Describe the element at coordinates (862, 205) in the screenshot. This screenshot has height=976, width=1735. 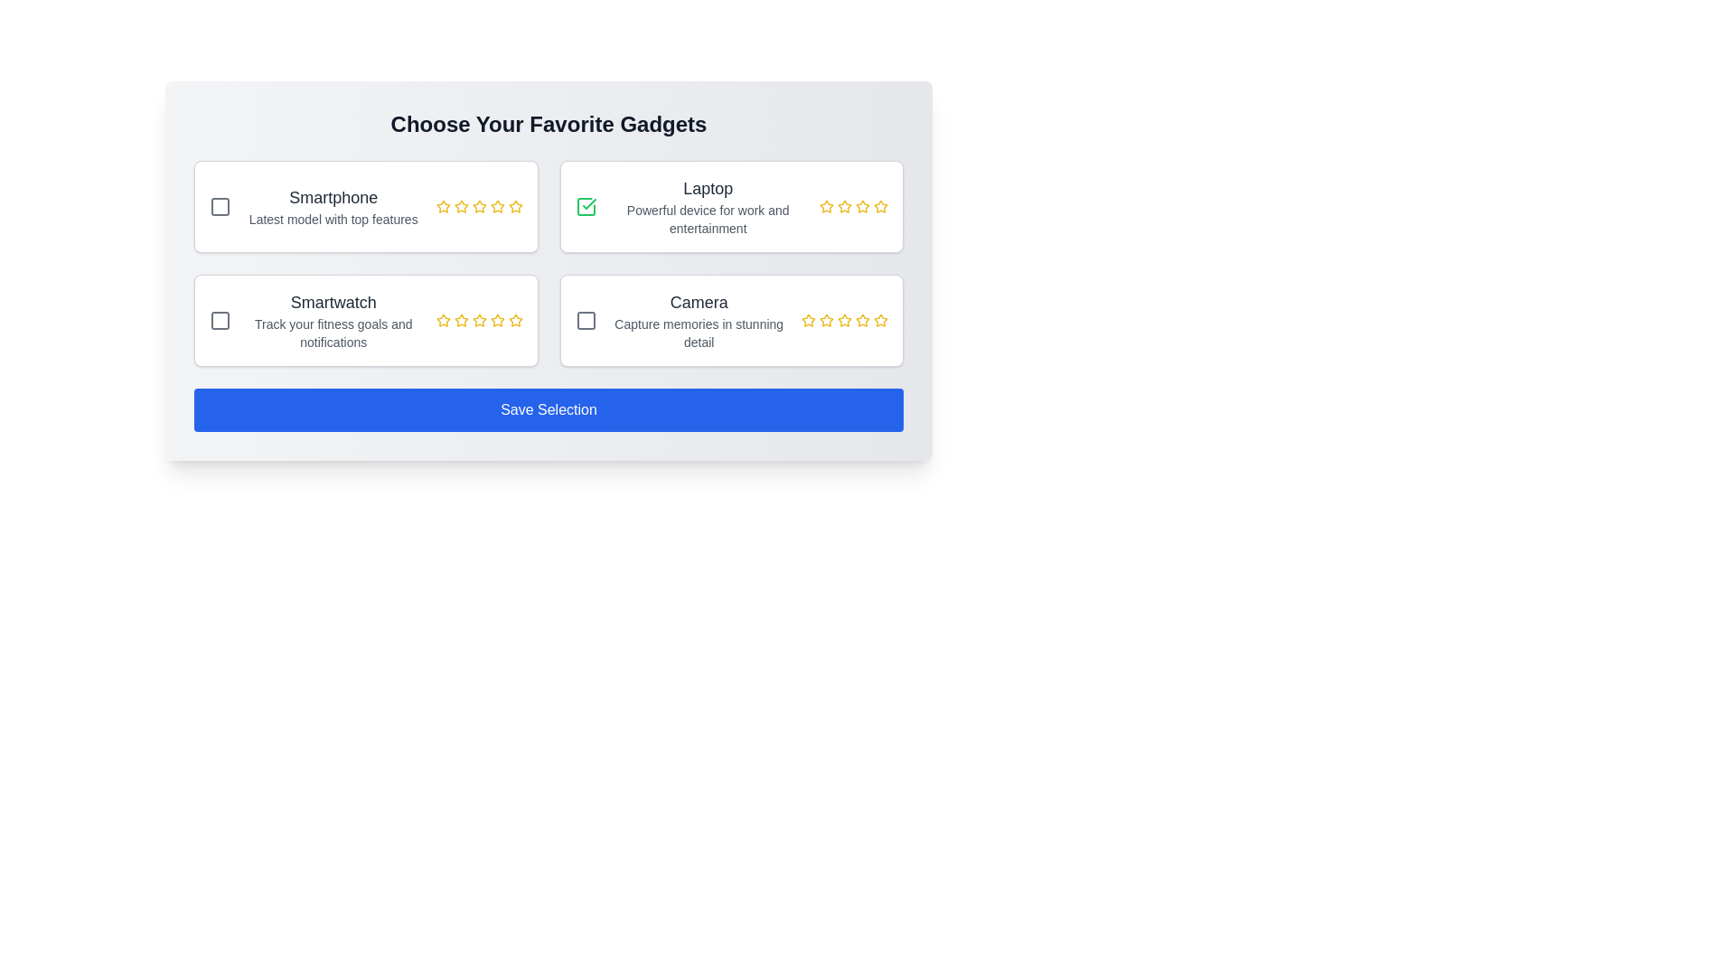
I see `the fifth star icon in the rating system` at that location.